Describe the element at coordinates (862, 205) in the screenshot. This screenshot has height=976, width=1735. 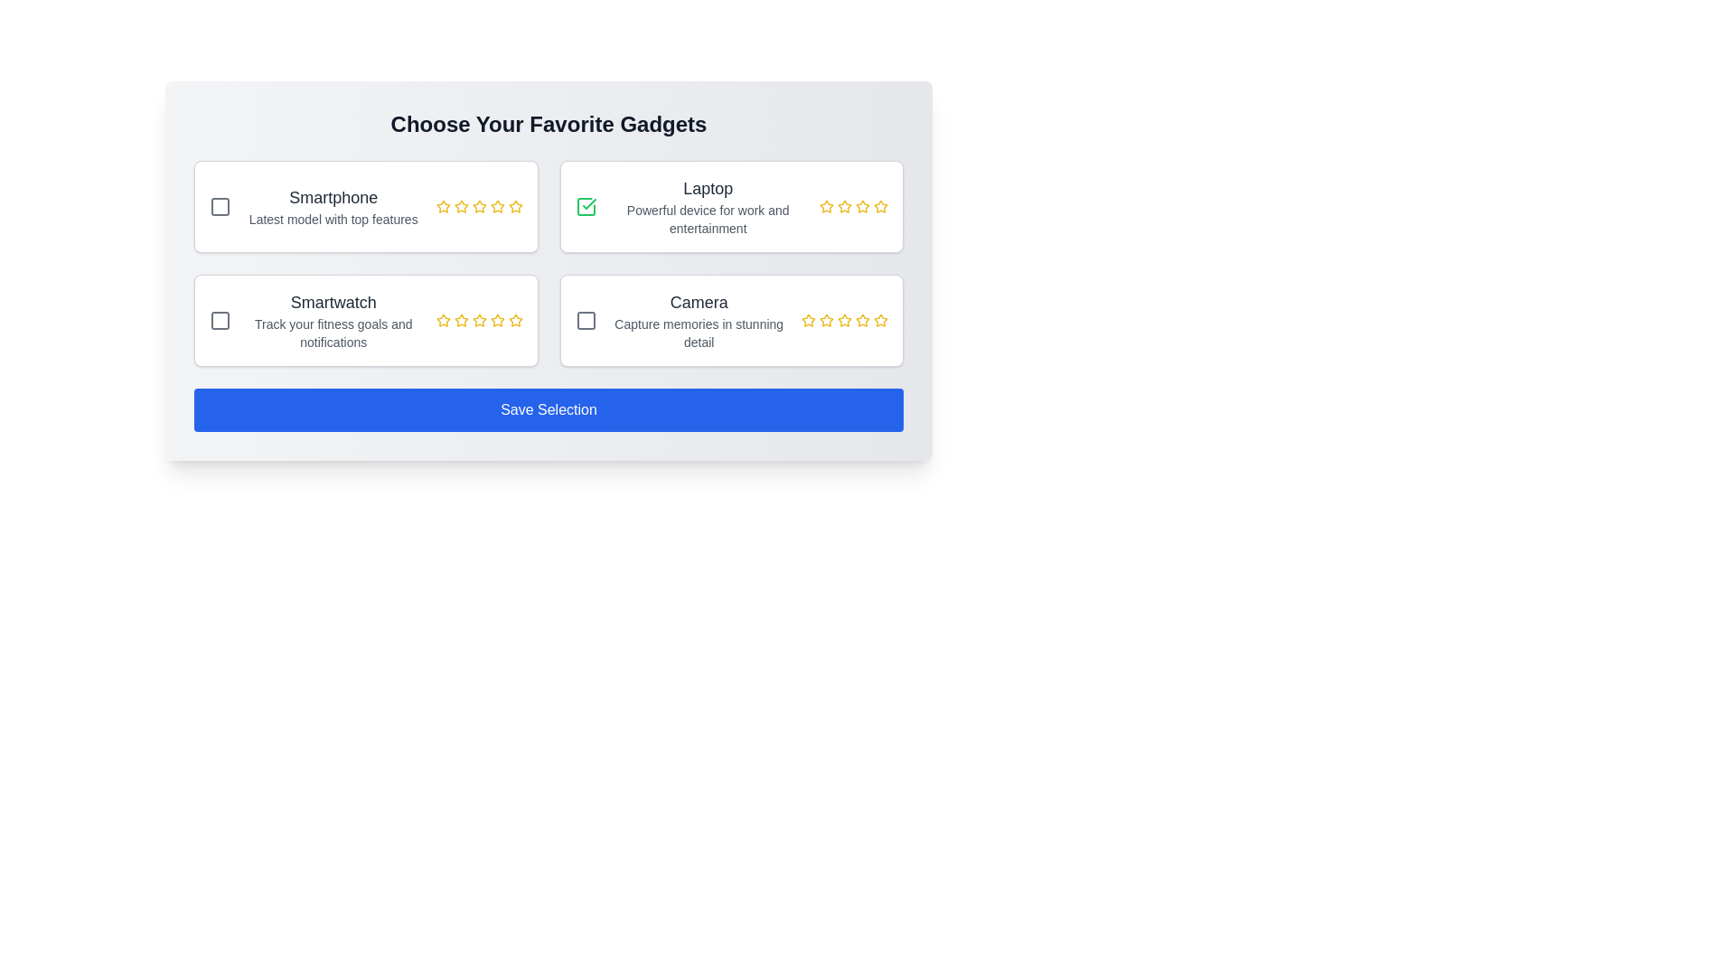
I see `the fifth star icon in the rating system` at that location.